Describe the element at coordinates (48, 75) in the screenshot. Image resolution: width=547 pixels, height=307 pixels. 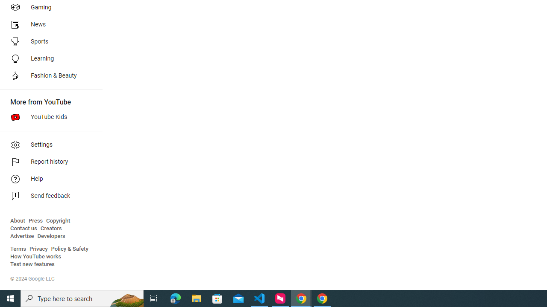
I see `'Fashion & Beauty'` at that location.